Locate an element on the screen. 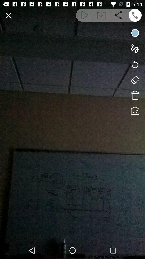 Image resolution: width=145 pixels, height=259 pixels. the play icon is located at coordinates (84, 15).